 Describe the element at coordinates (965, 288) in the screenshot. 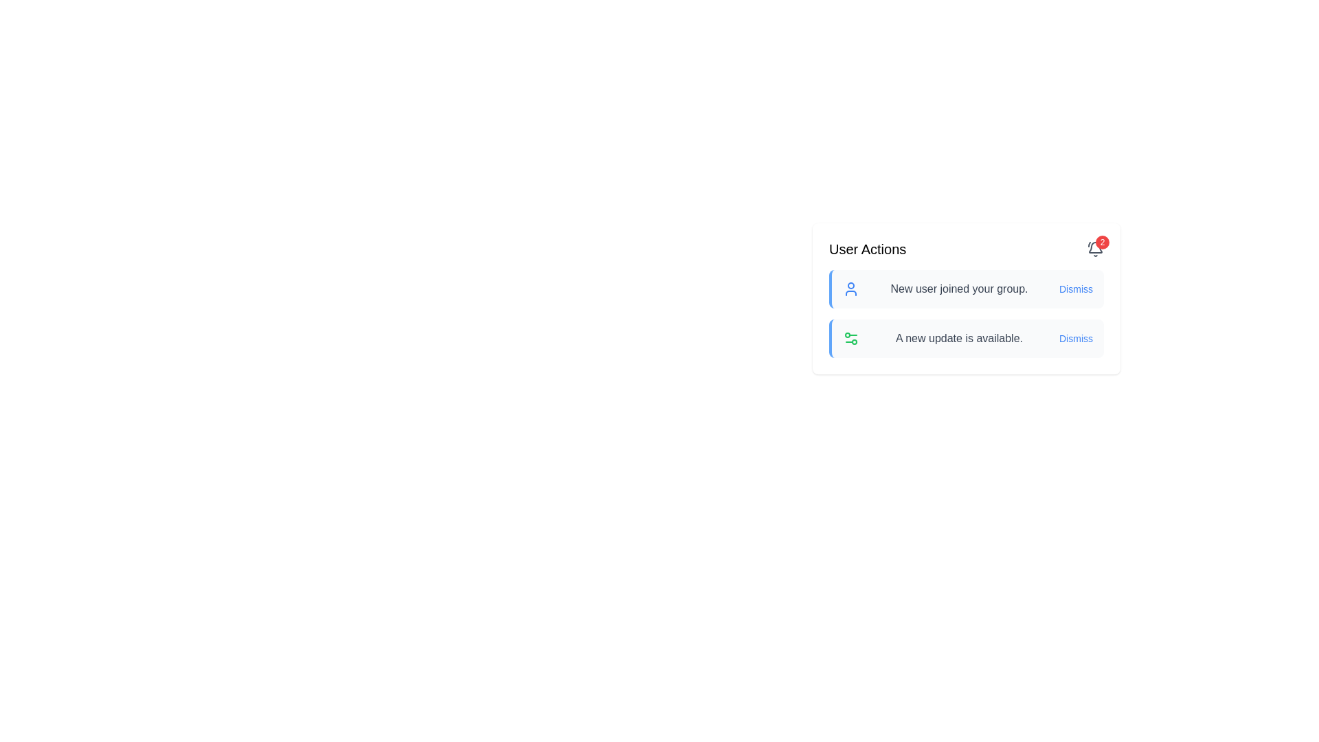

I see `the first notification item styled with a light gray background, featuring a blue border and a 'Dismiss' link` at that location.